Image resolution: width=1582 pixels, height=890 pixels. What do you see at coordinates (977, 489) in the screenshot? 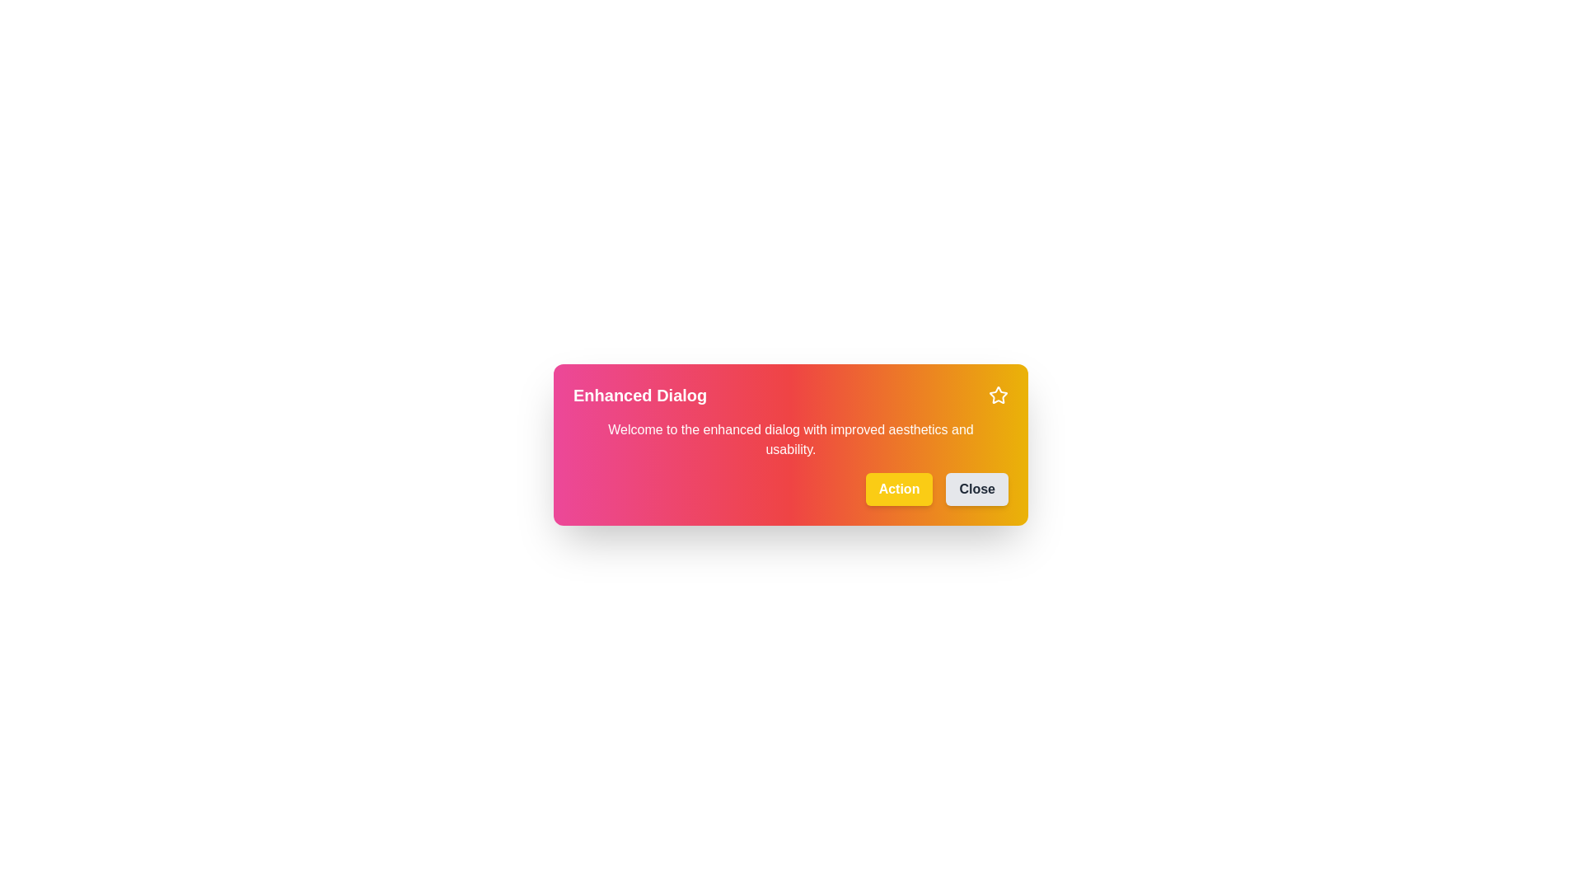
I see `the 'Close' button to close the dialog` at bounding box center [977, 489].